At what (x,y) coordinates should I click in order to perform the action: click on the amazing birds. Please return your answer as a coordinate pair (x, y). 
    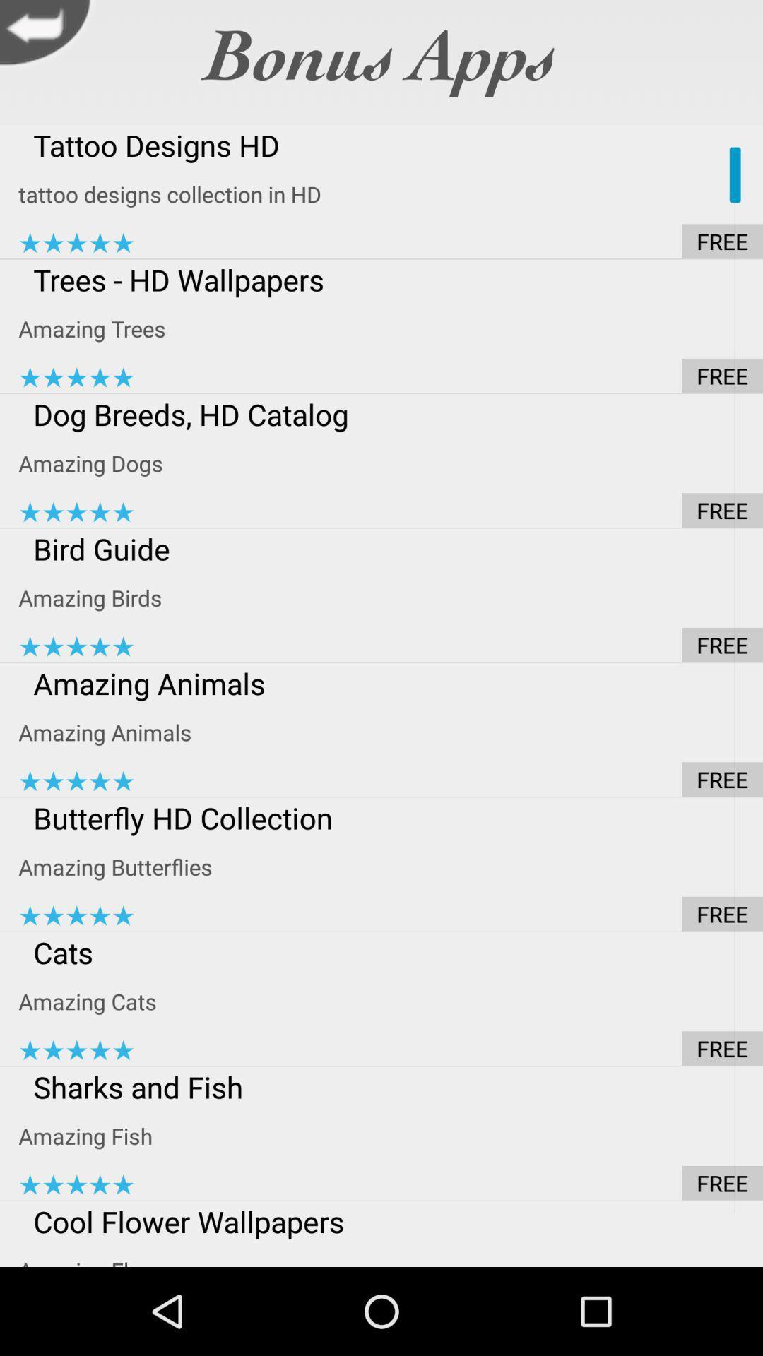
    Looking at the image, I should click on (391, 597).